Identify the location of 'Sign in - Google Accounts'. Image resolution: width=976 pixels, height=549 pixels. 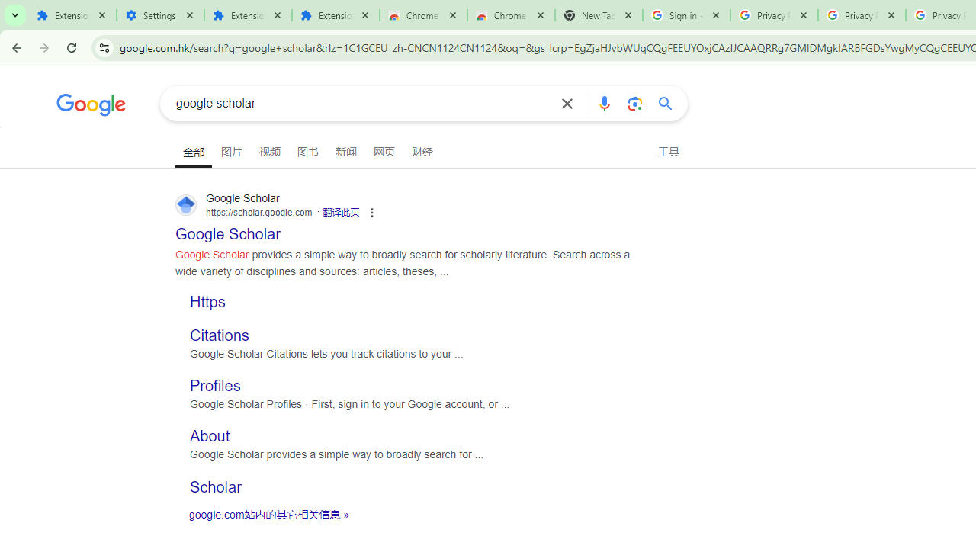
(685, 15).